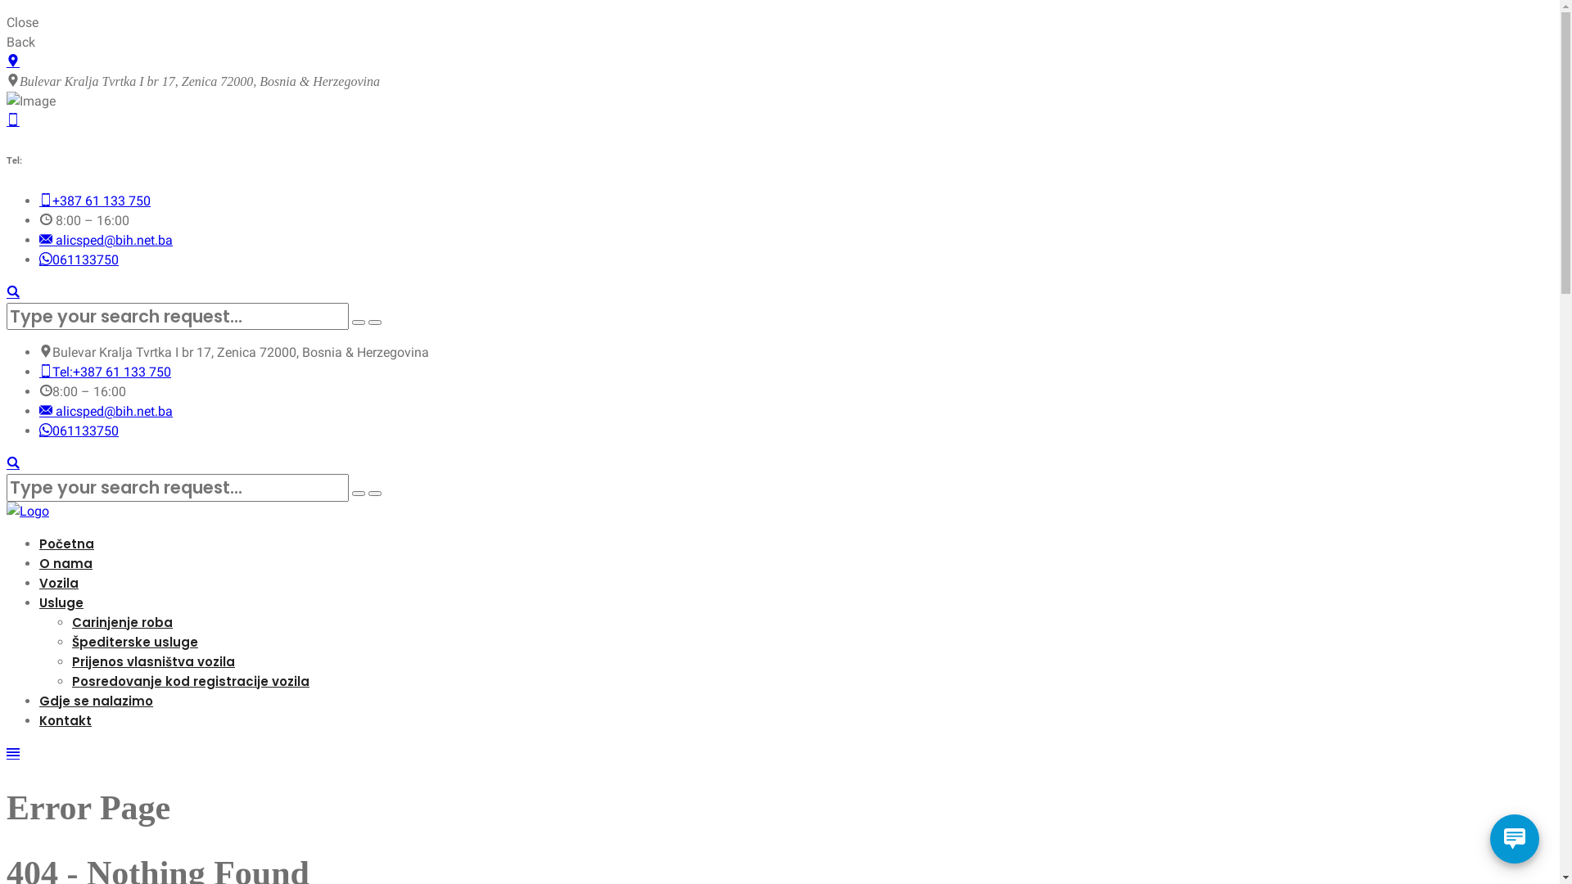  What do you see at coordinates (39, 700) in the screenshot?
I see `'Gdje se nalazimo'` at bounding box center [39, 700].